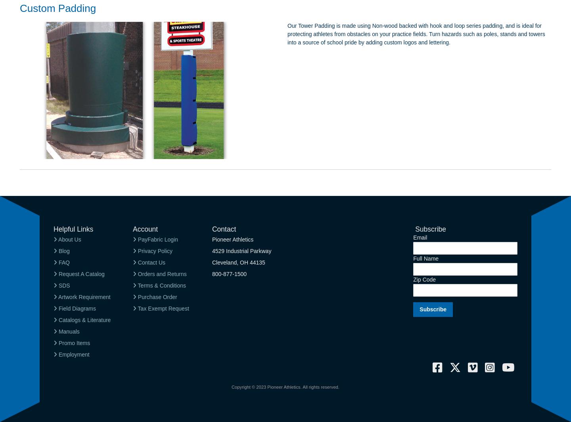  I want to click on 'Promo Items', so click(73, 342).